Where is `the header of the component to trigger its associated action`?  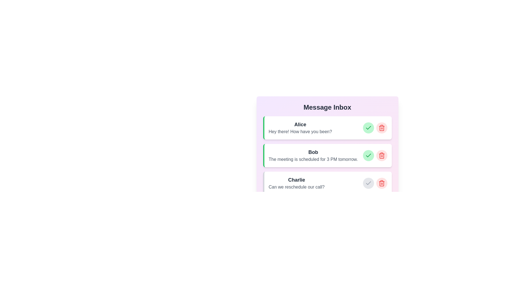 the header of the component to trigger its associated action is located at coordinates (327, 107).